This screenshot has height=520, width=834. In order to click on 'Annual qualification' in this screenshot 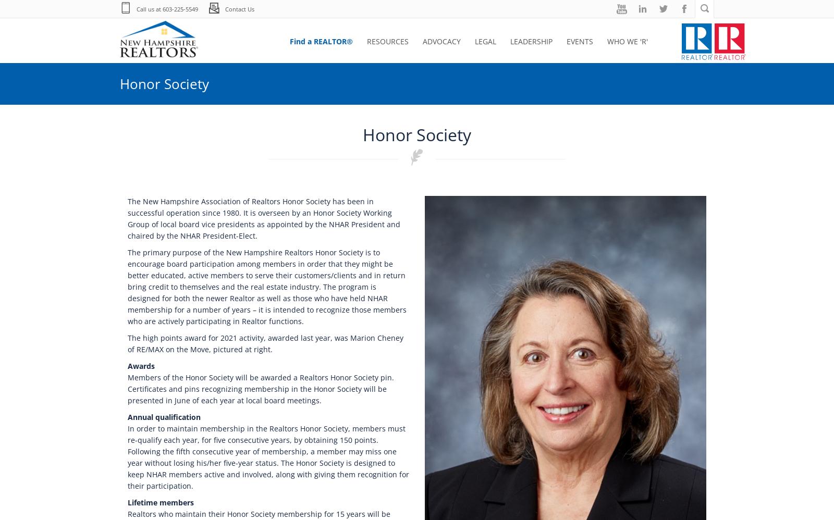, I will do `click(164, 417)`.